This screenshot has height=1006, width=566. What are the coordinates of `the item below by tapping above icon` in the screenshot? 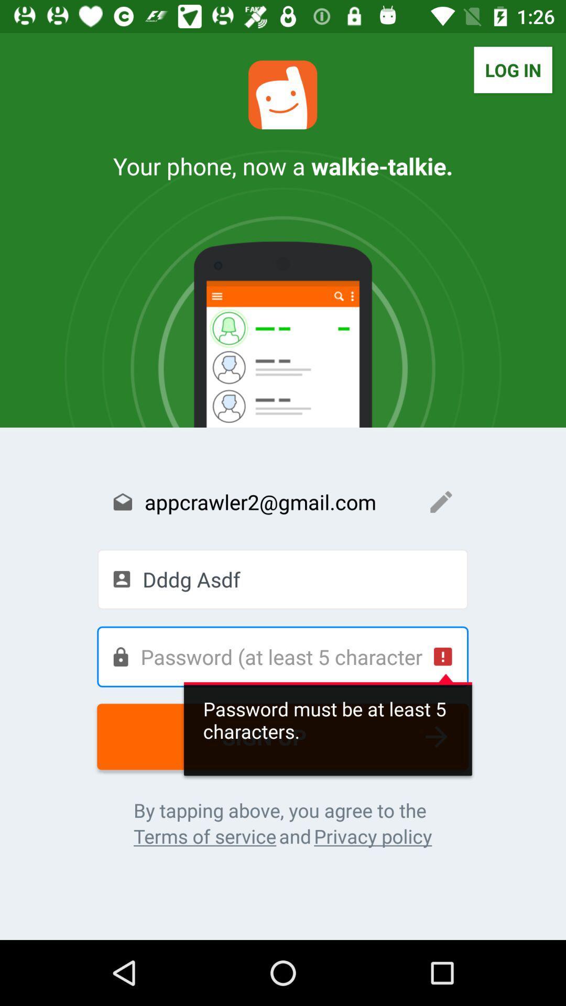 It's located at (205, 836).